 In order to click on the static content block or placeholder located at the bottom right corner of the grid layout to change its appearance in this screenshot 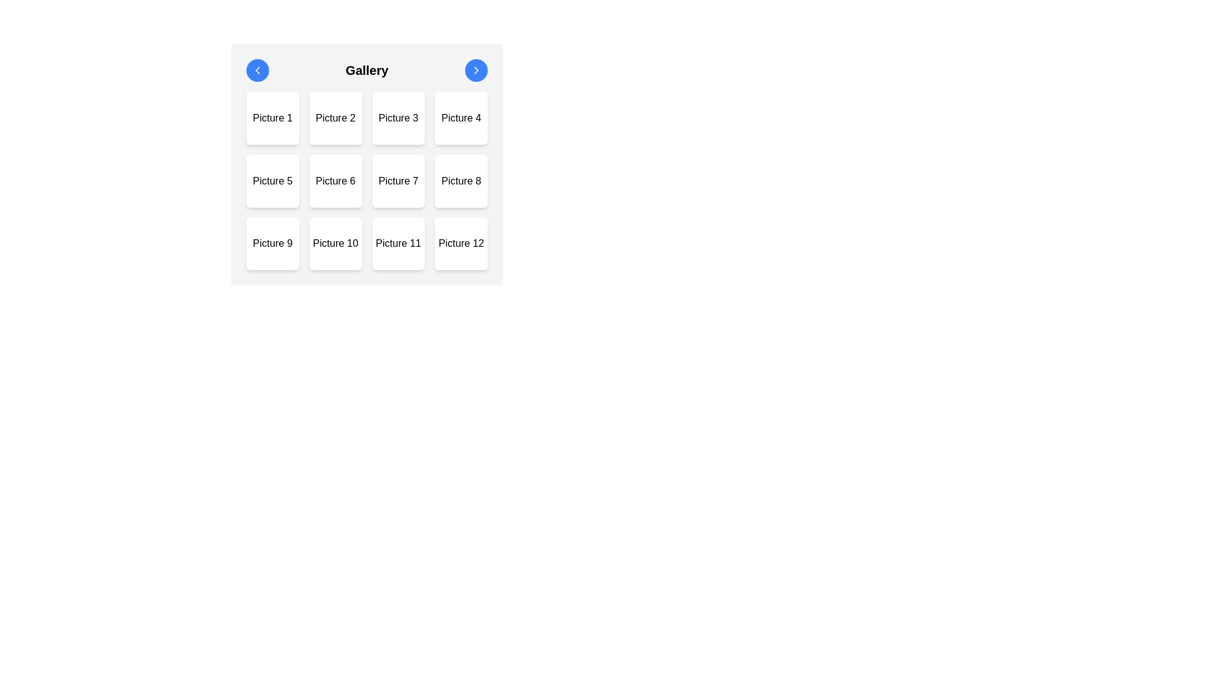, I will do `click(461, 244)`.